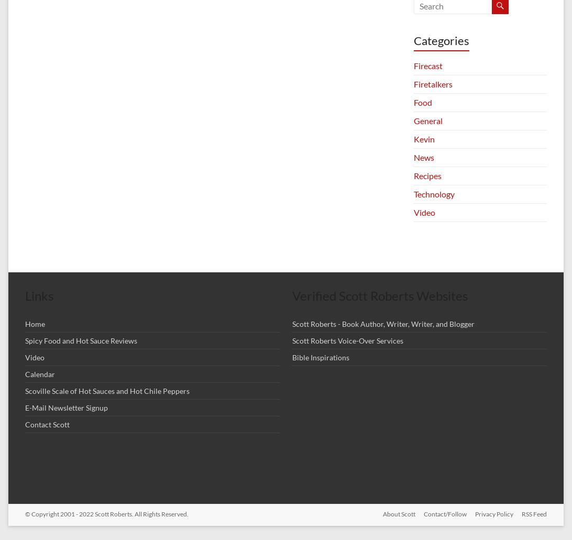  What do you see at coordinates (25, 407) in the screenshot?
I see `'E-Mail Newsletter Signup'` at bounding box center [25, 407].